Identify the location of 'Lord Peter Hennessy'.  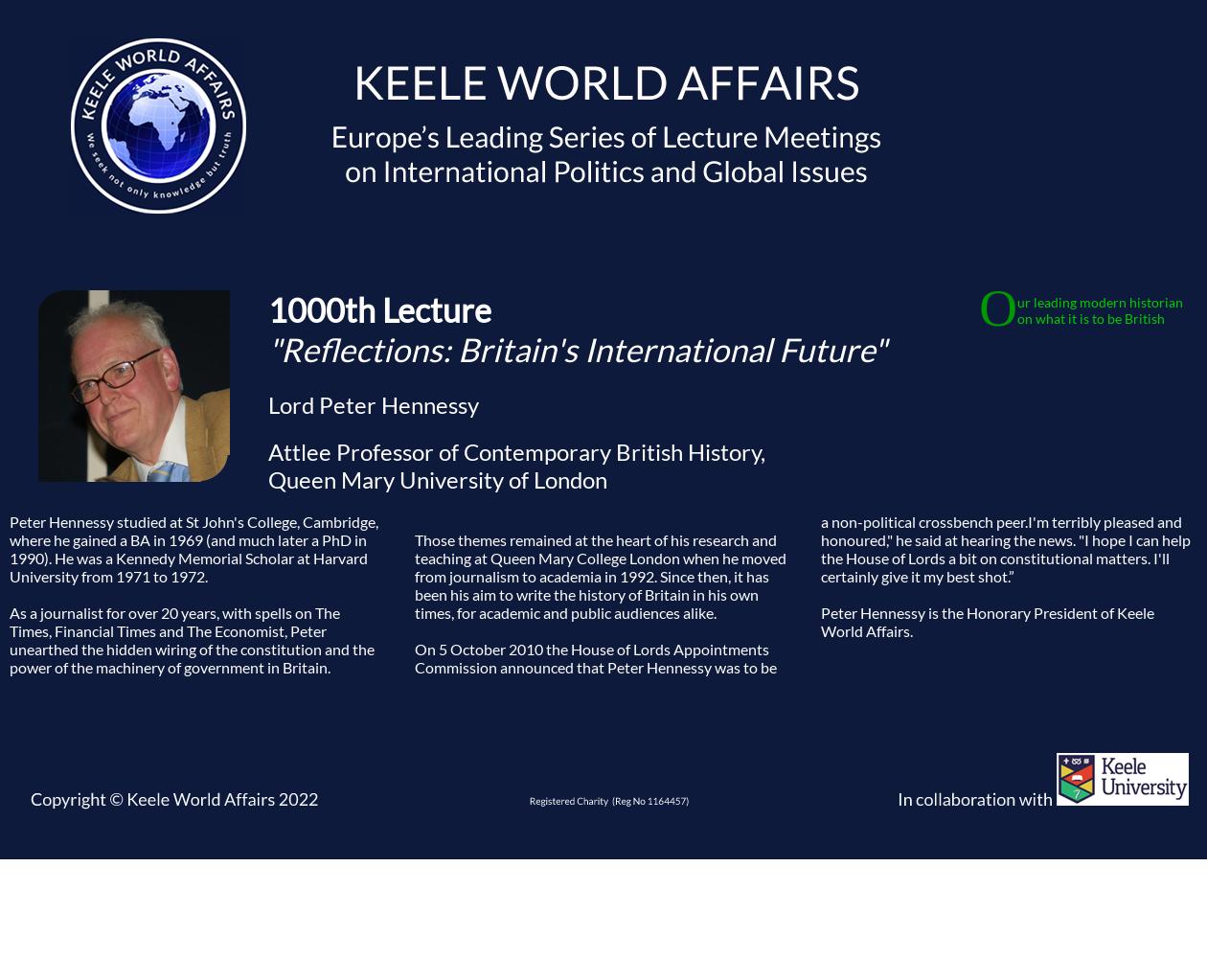
(267, 404).